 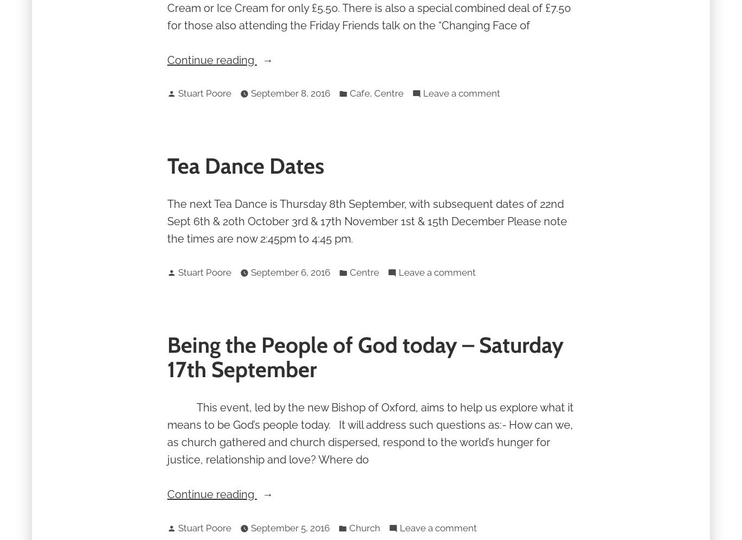 What do you see at coordinates (364, 527) in the screenshot?
I see `'Church'` at bounding box center [364, 527].